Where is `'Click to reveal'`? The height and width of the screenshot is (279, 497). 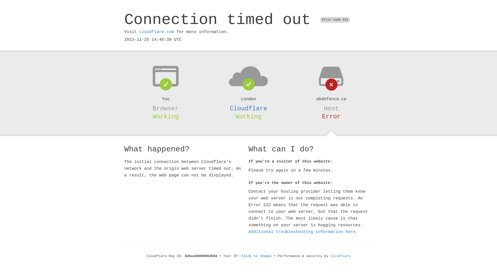
'Click to reveal' is located at coordinates (257, 256).